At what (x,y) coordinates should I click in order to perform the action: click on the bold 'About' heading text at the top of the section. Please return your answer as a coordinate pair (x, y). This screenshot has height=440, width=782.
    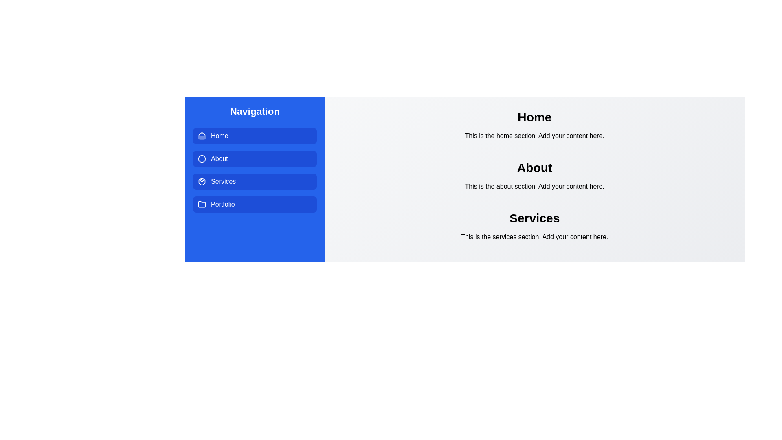
    Looking at the image, I should click on (534, 167).